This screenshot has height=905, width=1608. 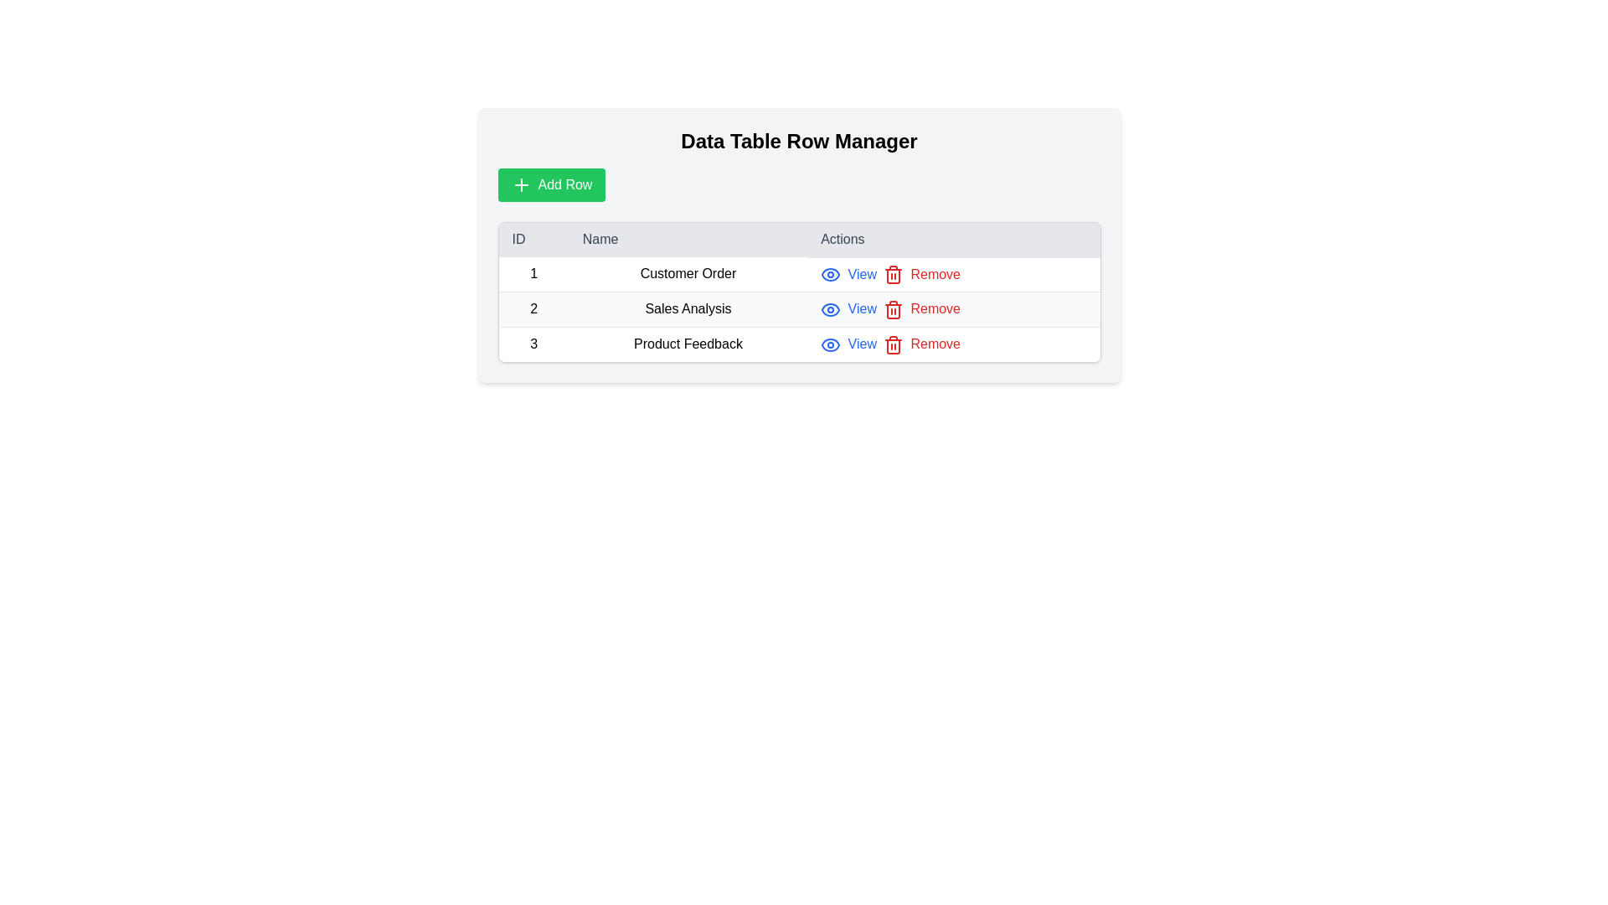 What do you see at coordinates (848, 344) in the screenshot?
I see `the 'View' hyperlink in the 'Actions' column of the 'Product Feedback' entry in the third row of the table` at bounding box center [848, 344].